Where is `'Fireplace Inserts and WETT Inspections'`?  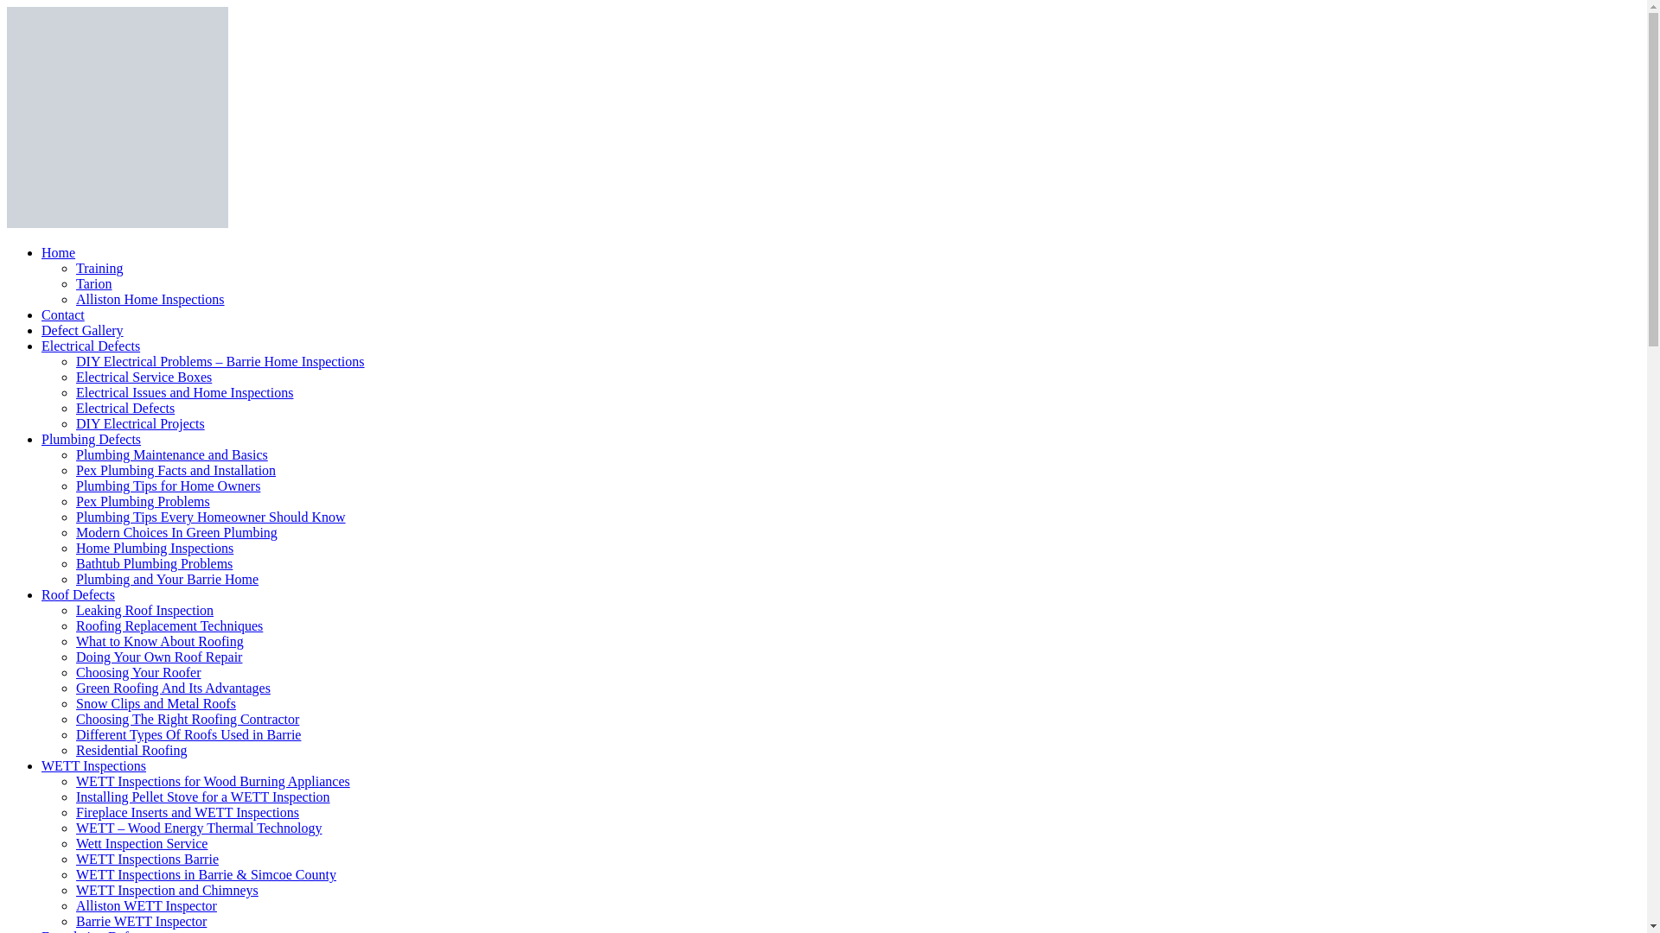
'Fireplace Inserts and WETT Inspections' is located at coordinates (187, 812).